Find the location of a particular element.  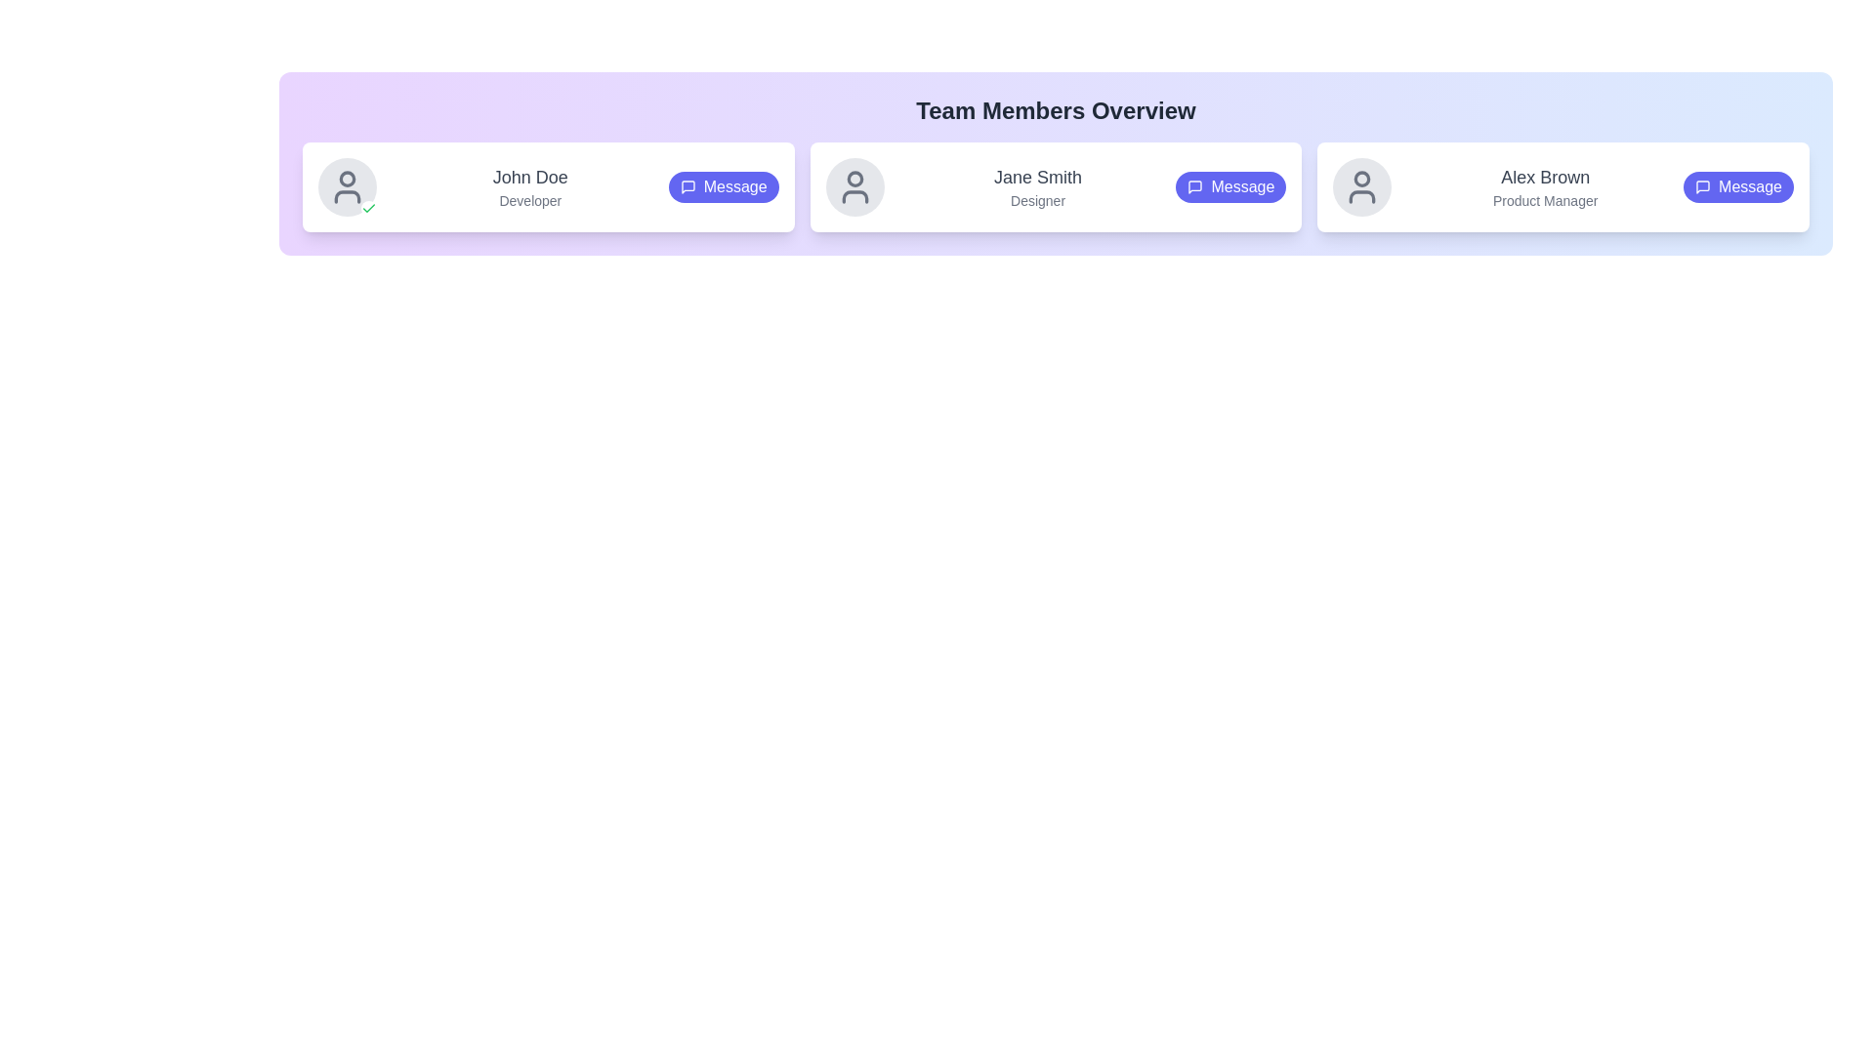

the first team member's Profile Card located in the top-left corner of the grid layout under 'Team Members Overview' to potentially reveal additional details is located at coordinates (547, 187).